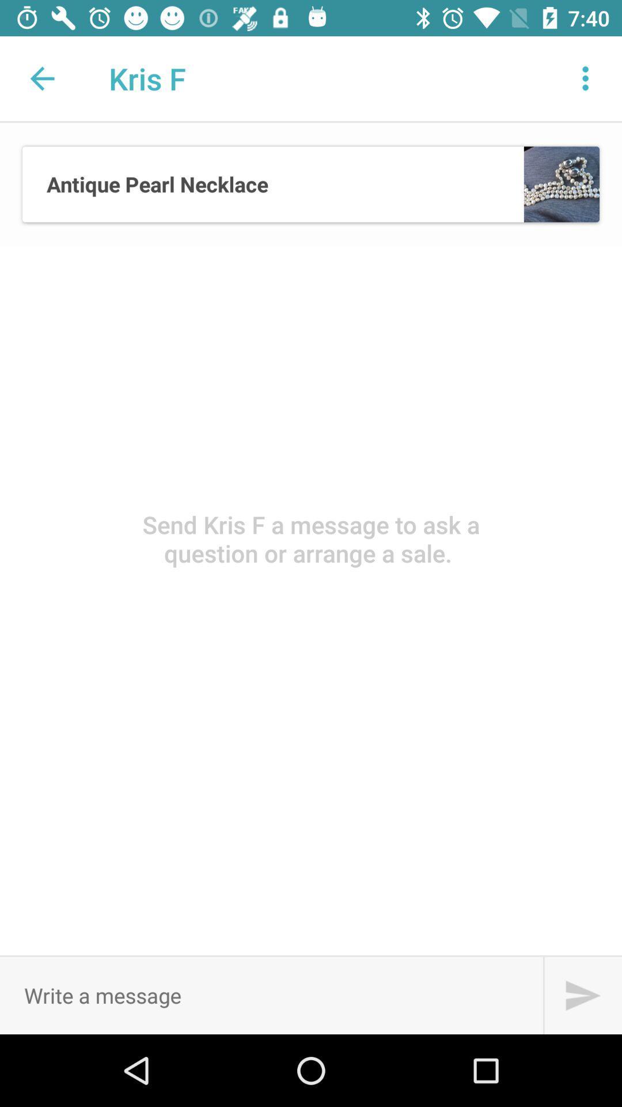  I want to click on item to the left of the kris f, so click(41, 78).